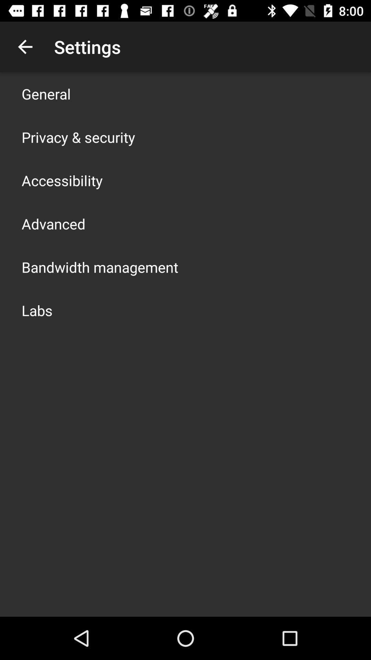 Image resolution: width=371 pixels, height=660 pixels. Describe the element at coordinates (78, 137) in the screenshot. I see `the privacy & security icon` at that location.